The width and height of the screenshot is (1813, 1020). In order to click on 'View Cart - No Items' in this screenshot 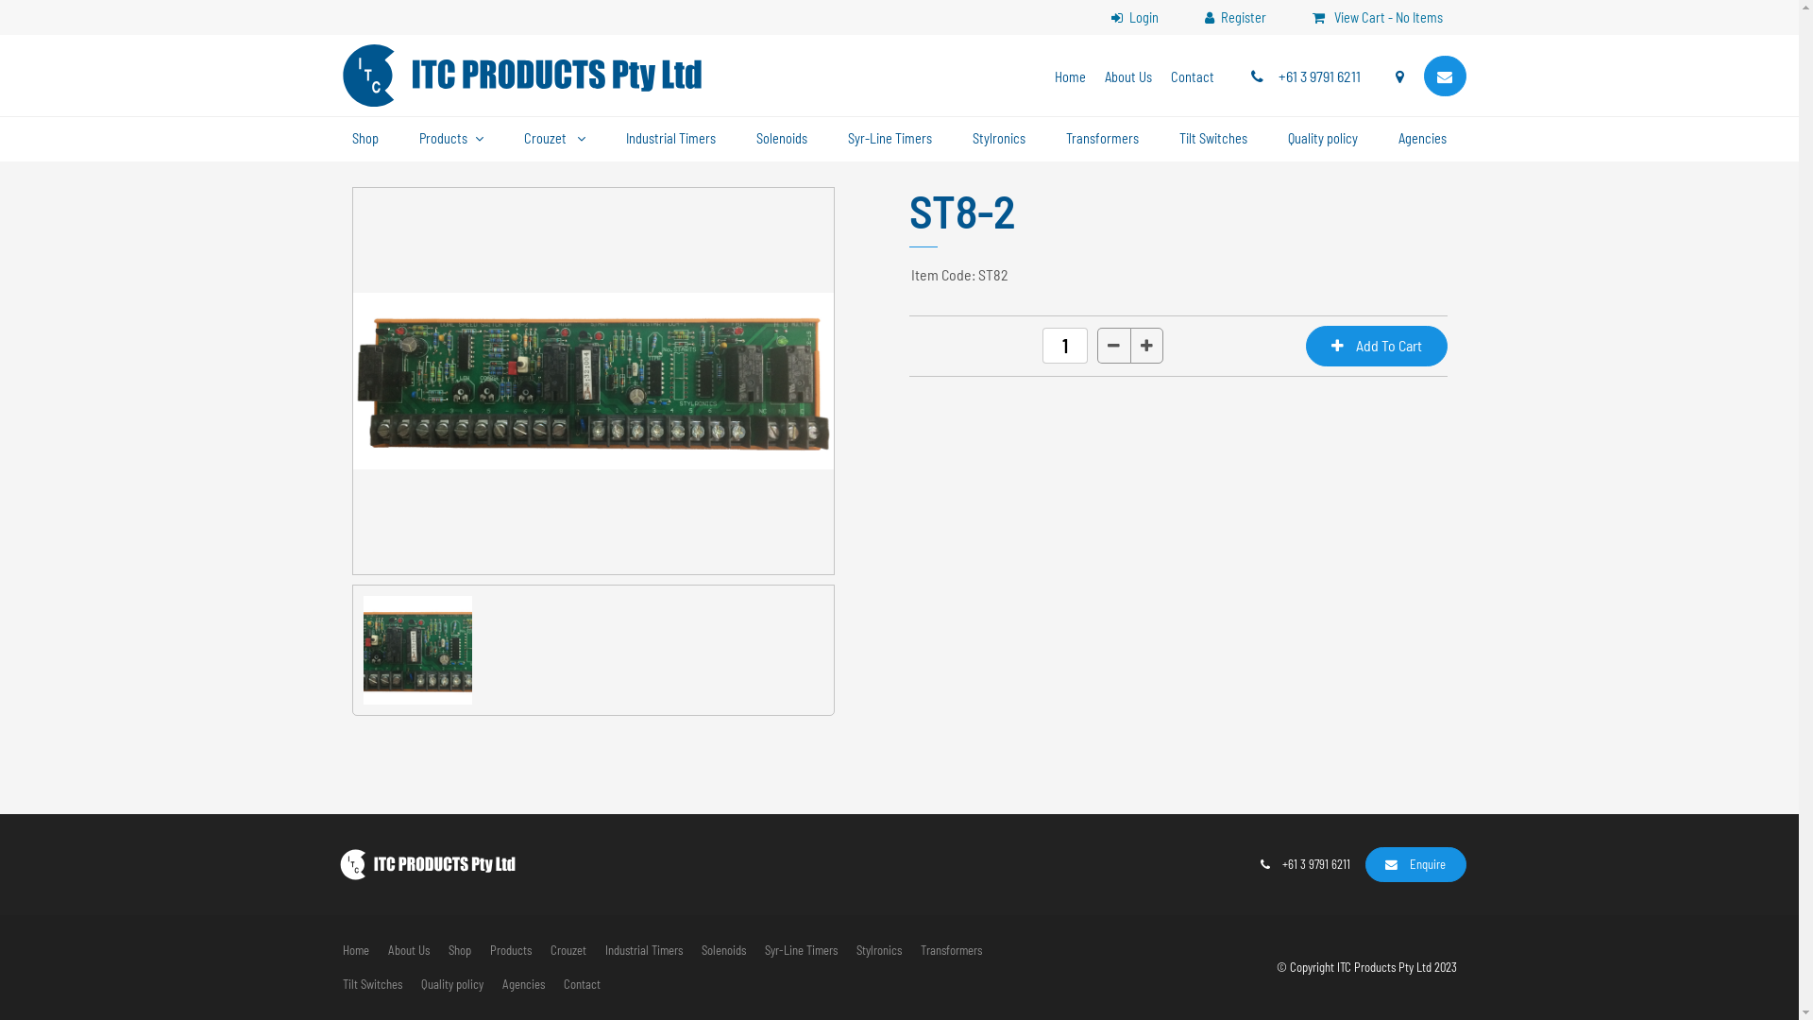, I will do `click(1378, 17)`.